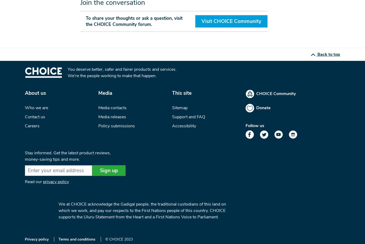 The image size is (365, 244). Describe the element at coordinates (56, 182) in the screenshot. I see `'privacy policy'` at that location.